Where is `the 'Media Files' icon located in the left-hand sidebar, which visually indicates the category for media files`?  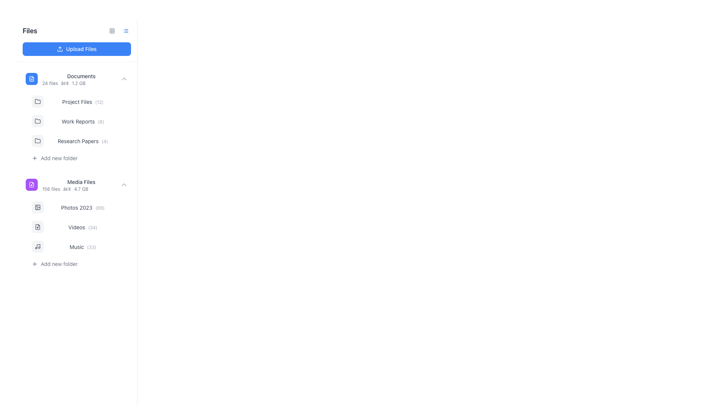
the 'Media Files' icon located in the left-hand sidebar, which visually indicates the category for media files is located at coordinates (31, 185).